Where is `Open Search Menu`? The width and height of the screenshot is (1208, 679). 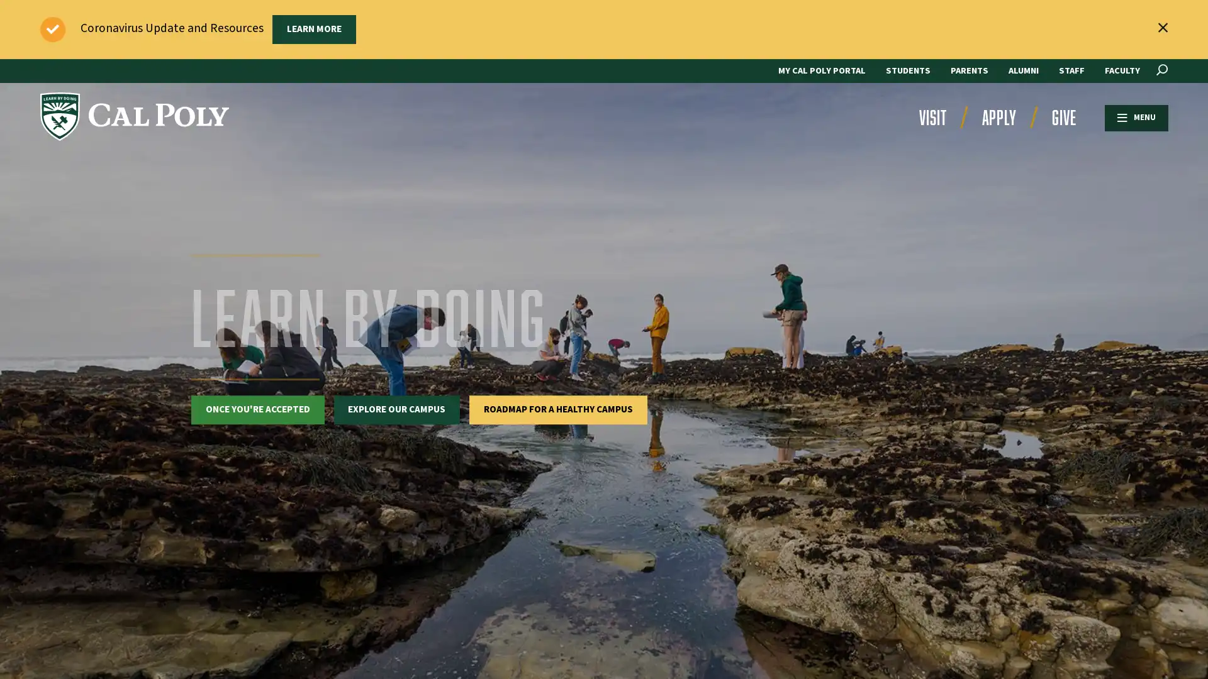
Open Search Menu is located at coordinates (1161, 70).